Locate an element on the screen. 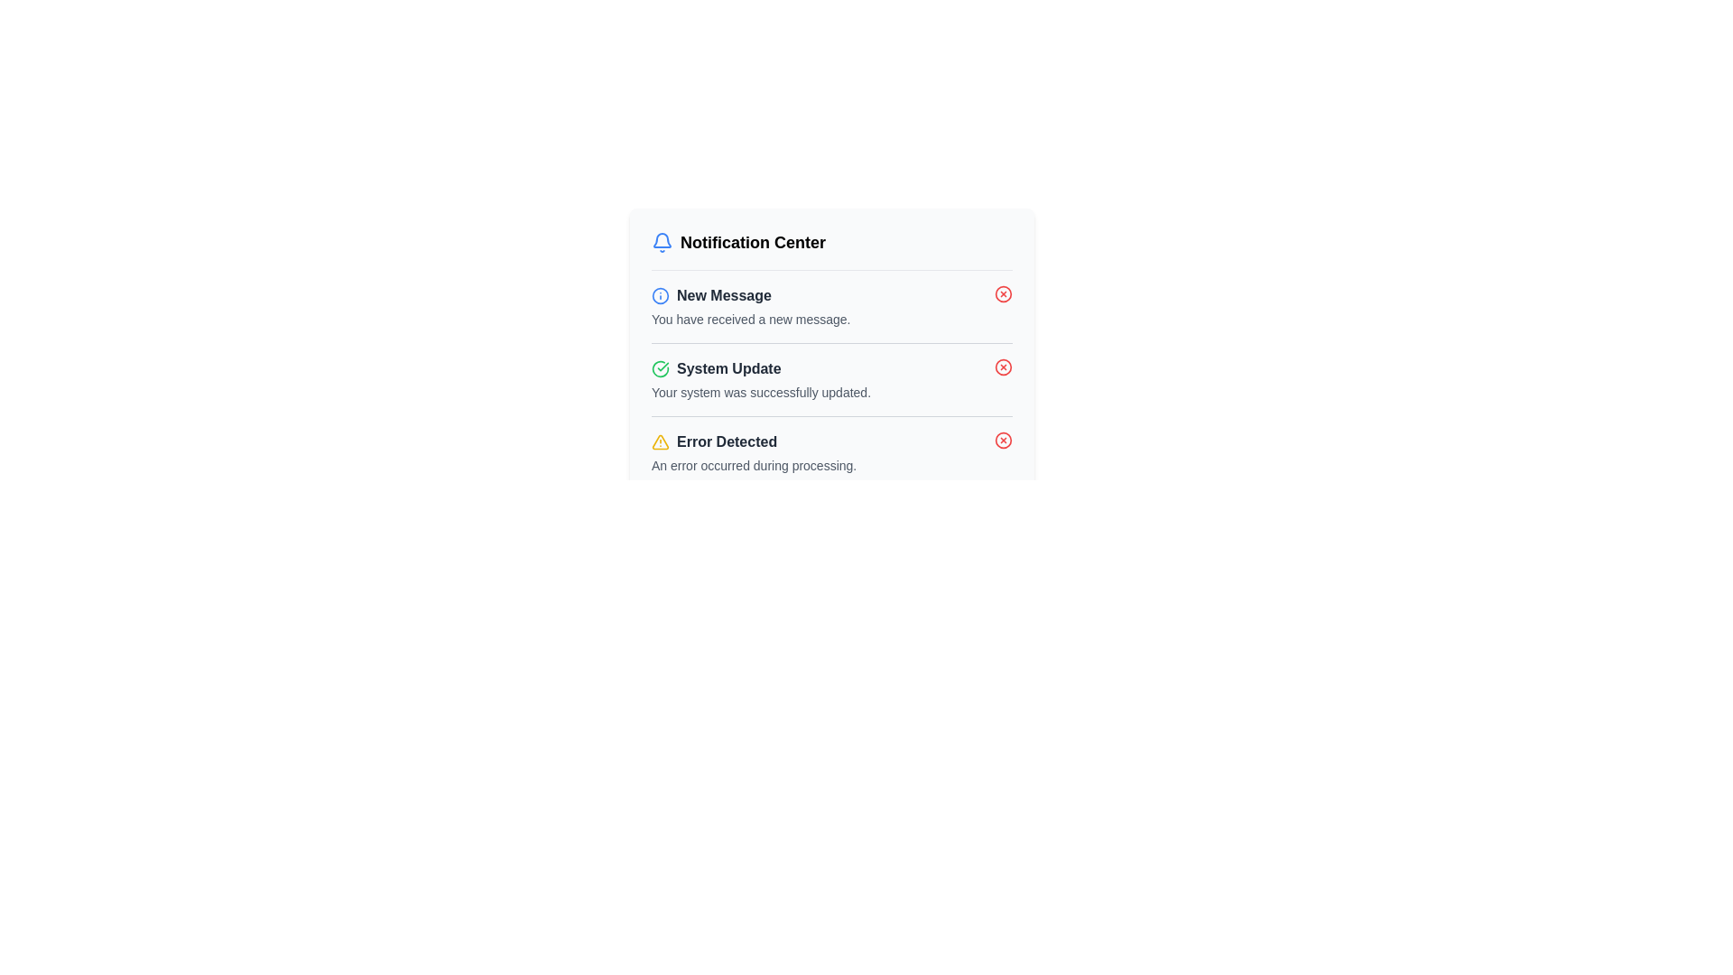 This screenshot has width=1733, height=975. the circular SVG shape with a blue outline located inside the leftmost notification icon in the Notification Center is located at coordinates (659, 294).